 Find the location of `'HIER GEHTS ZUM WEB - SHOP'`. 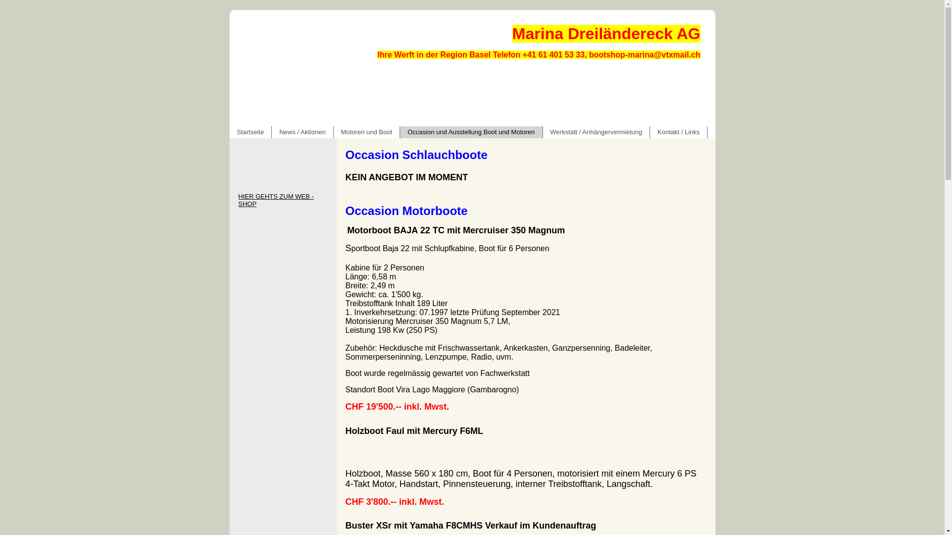

'HIER GEHTS ZUM WEB - SHOP' is located at coordinates (282, 200).